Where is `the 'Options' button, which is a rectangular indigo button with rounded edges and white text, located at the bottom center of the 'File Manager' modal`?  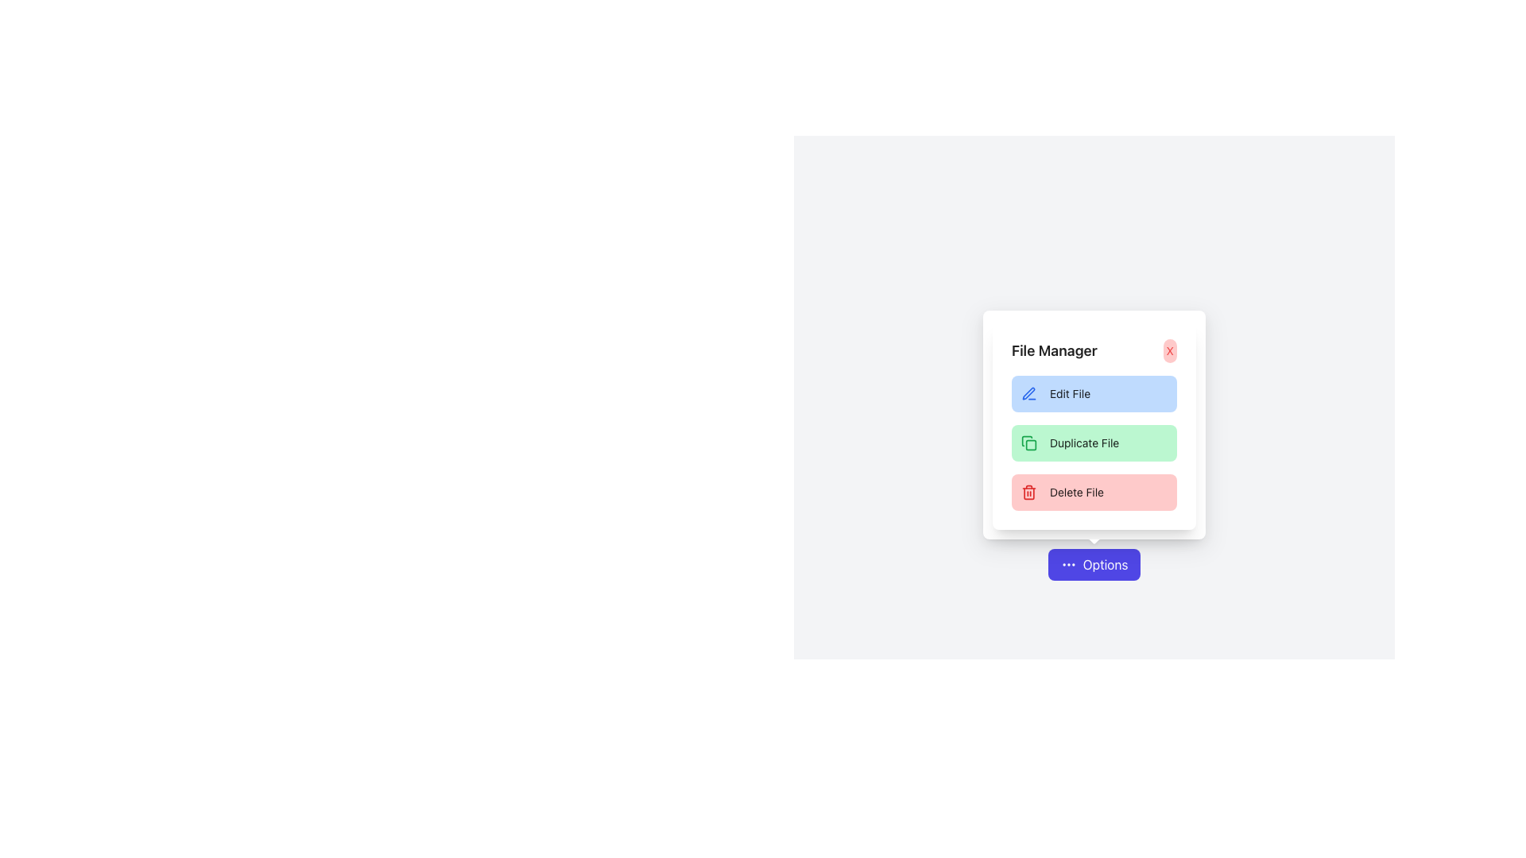 the 'Options' button, which is a rectangular indigo button with rounded edges and white text, located at the bottom center of the 'File Manager' modal is located at coordinates (1093, 563).